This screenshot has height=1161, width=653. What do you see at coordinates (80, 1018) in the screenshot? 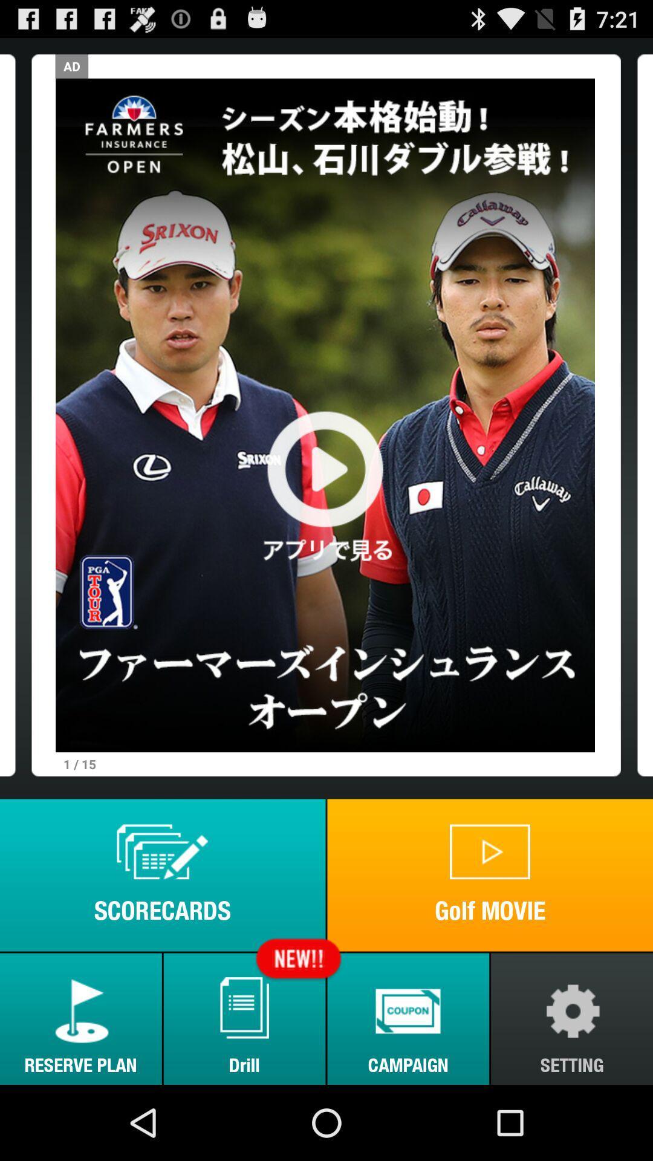
I see `item to the left of the drill item` at bounding box center [80, 1018].